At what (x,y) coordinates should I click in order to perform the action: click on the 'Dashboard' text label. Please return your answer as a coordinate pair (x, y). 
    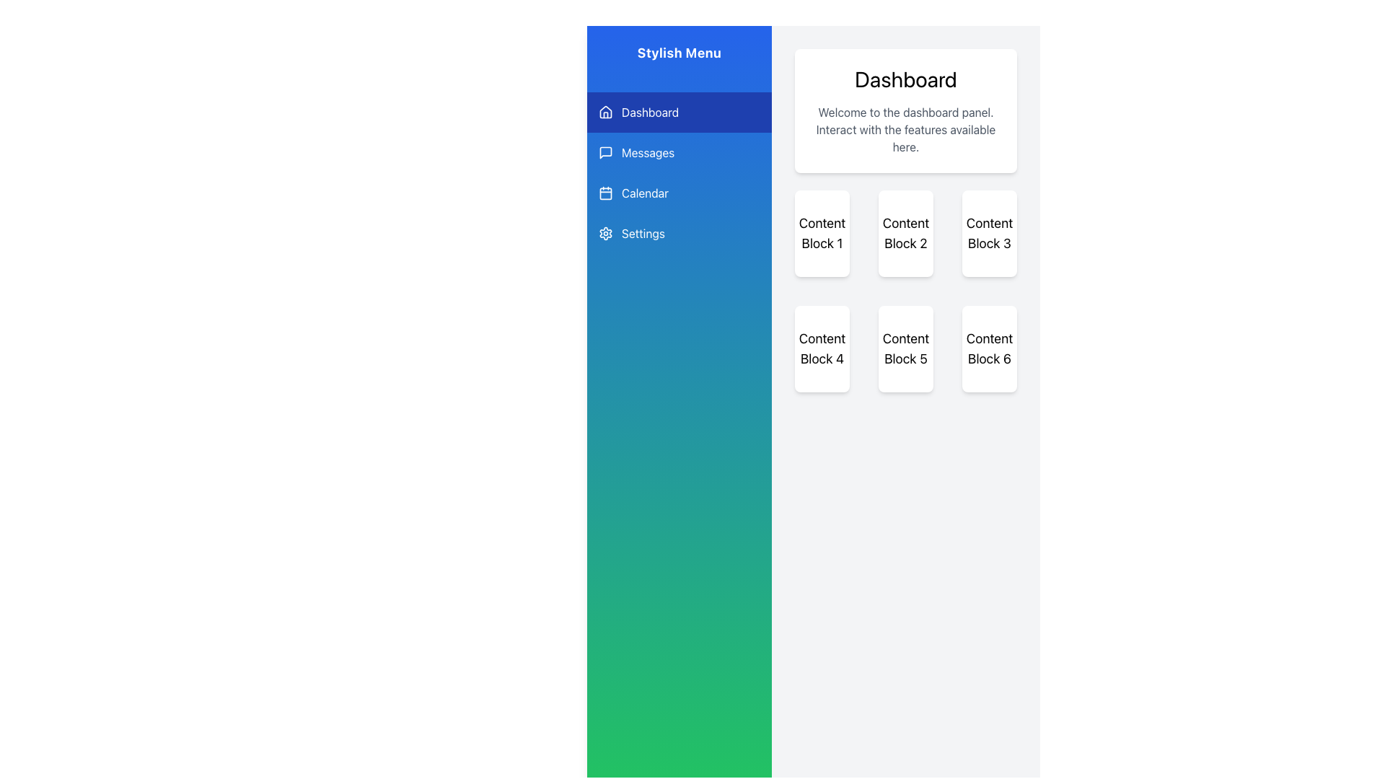
    Looking at the image, I should click on (905, 79).